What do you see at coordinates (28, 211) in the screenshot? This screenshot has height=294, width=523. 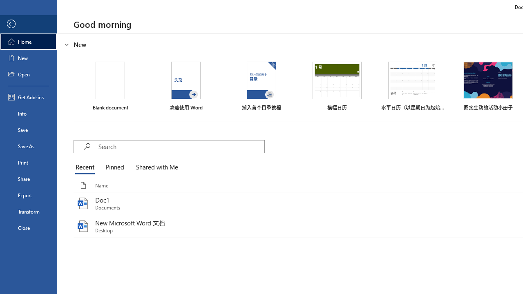 I see `'Transform'` at bounding box center [28, 211].